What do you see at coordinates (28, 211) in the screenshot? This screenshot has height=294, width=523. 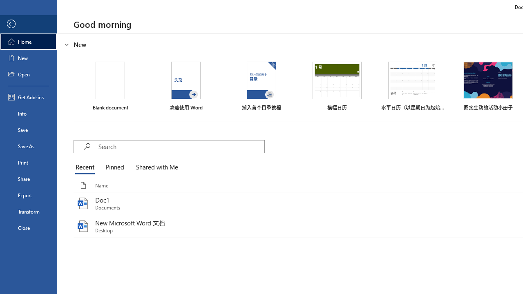 I see `'Transform'` at bounding box center [28, 211].